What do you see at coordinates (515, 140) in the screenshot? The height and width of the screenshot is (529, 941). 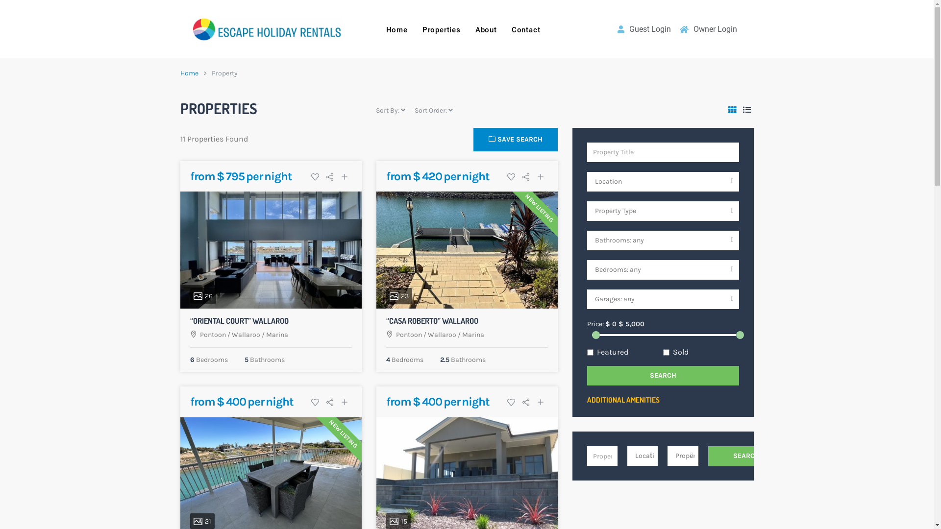 I see `'SAVE SEARCH'` at bounding box center [515, 140].